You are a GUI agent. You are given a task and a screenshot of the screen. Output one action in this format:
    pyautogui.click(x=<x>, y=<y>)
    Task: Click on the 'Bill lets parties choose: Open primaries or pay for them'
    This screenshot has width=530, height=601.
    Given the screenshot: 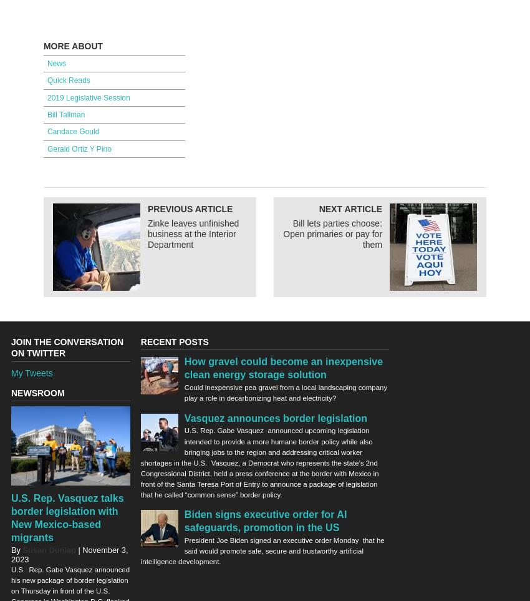 What is the action you would take?
    pyautogui.click(x=282, y=233)
    